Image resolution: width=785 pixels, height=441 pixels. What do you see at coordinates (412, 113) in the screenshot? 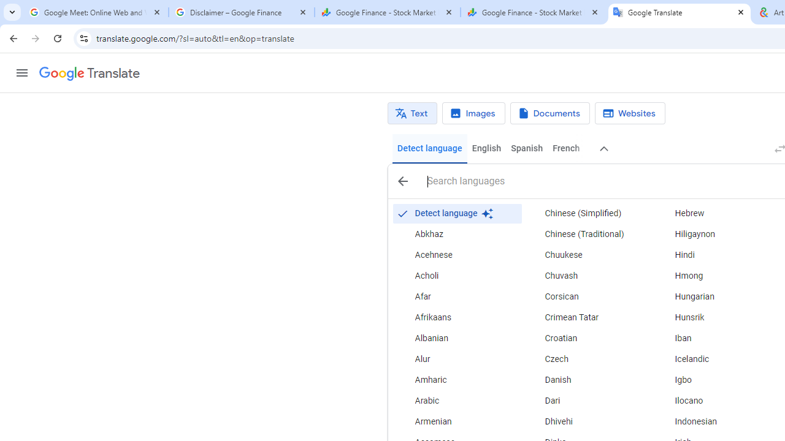
I see `'Text translation'` at bounding box center [412, 113].